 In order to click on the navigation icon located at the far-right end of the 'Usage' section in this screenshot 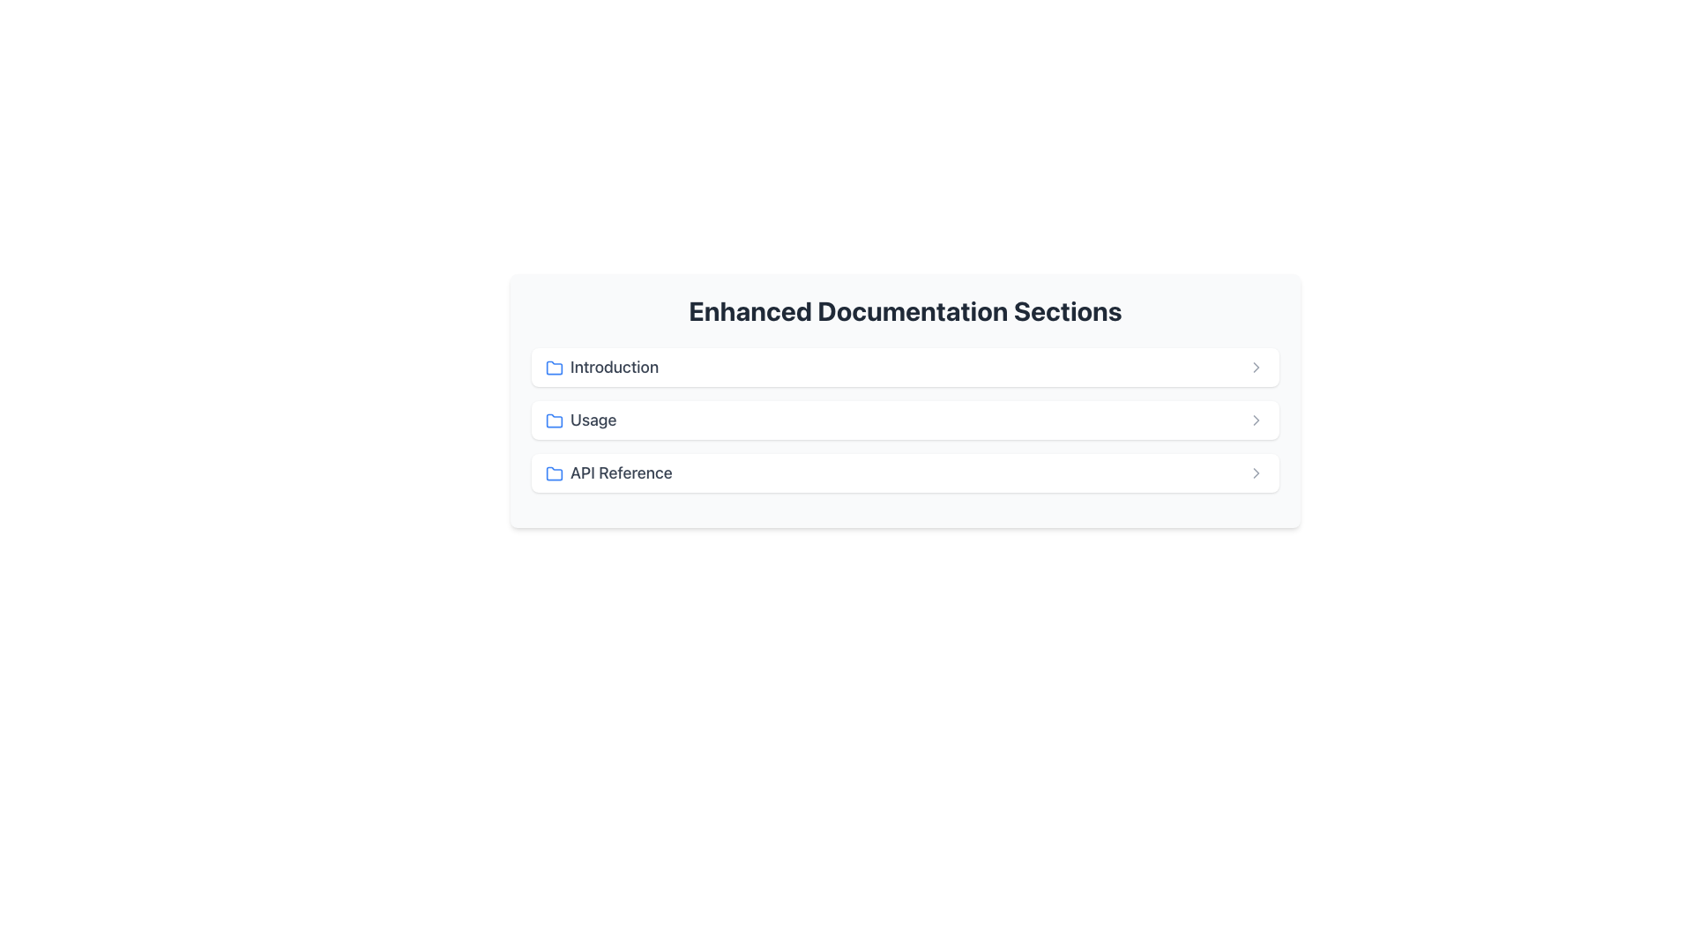, I will do `click(1256, 420)`.